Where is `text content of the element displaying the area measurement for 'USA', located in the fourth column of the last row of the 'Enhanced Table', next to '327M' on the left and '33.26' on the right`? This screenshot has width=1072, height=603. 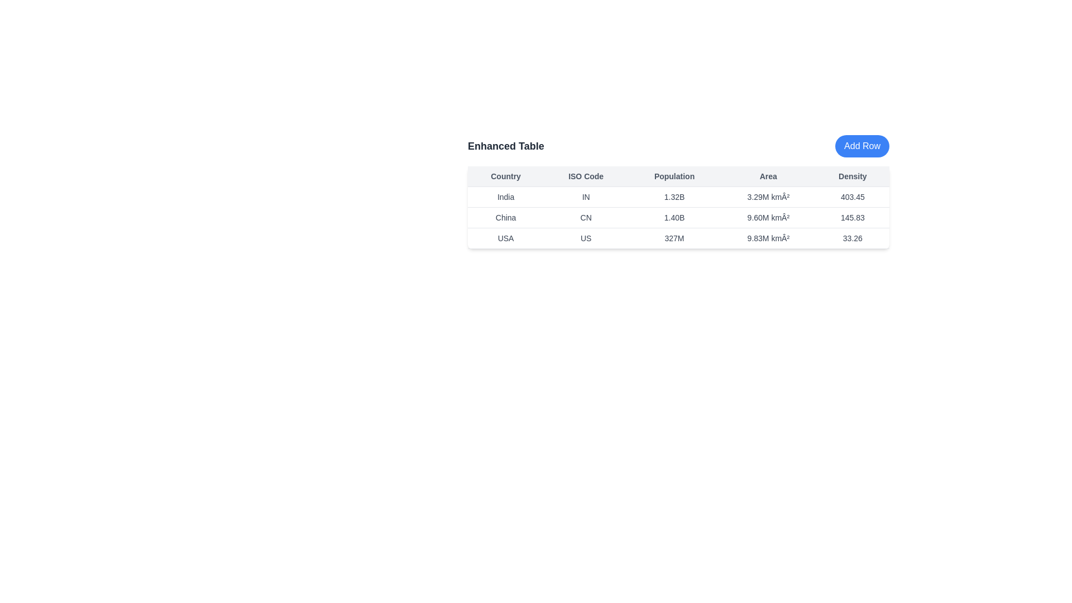 text content of the element displaying the area measurement for 'USA', located in the fourth column of the last row of the 'Enhanced Table', next to '327M' on the left and '33.26' on the right is located at coordinates (768, 238).